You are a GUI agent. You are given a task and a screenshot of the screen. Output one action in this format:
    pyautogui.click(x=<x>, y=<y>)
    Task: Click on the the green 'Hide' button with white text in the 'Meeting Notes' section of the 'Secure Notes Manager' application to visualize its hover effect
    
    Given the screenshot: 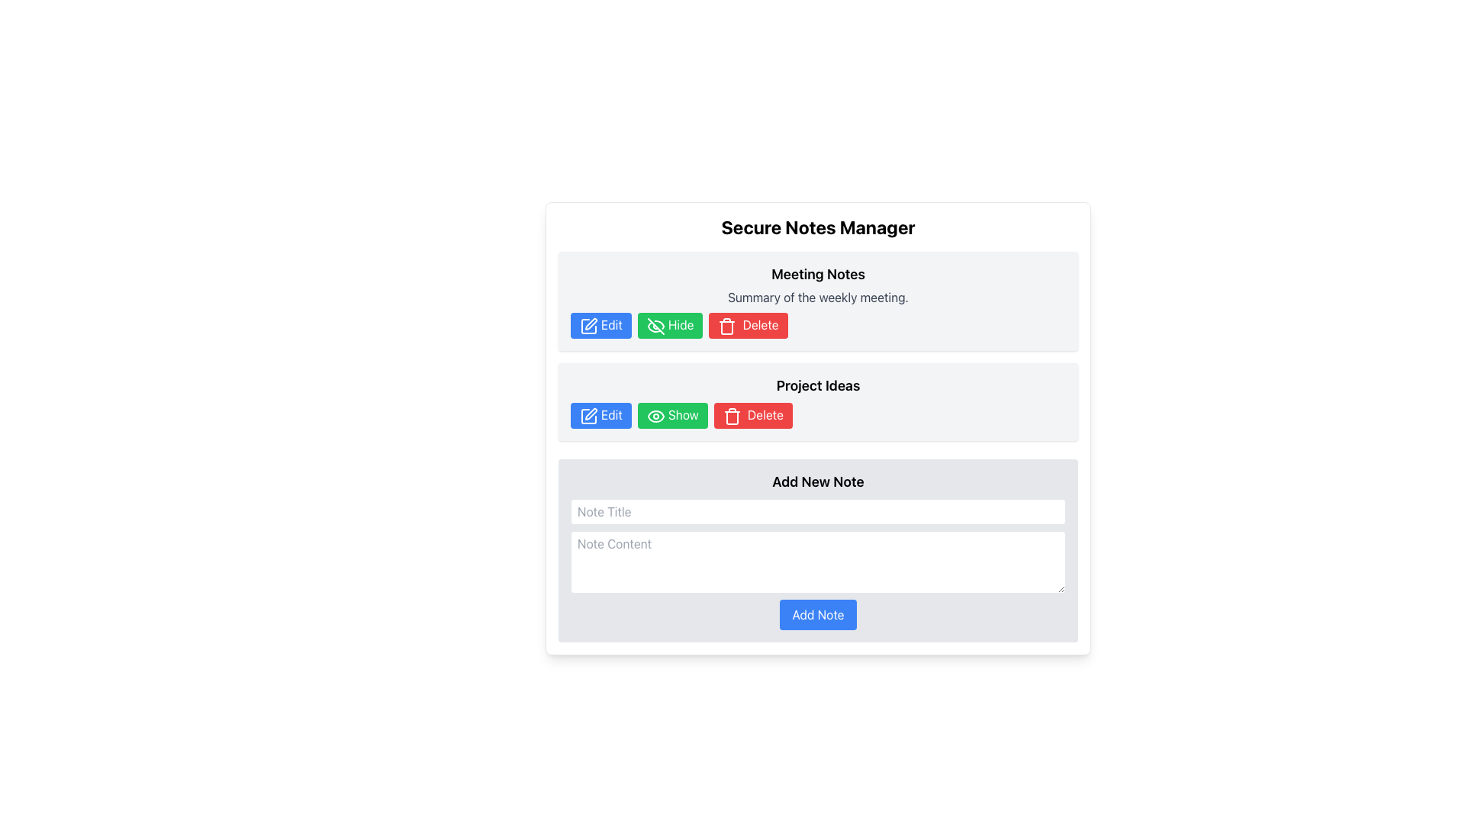 What is the action you would take?
    pyautogui.click(x=670, y=324)
    